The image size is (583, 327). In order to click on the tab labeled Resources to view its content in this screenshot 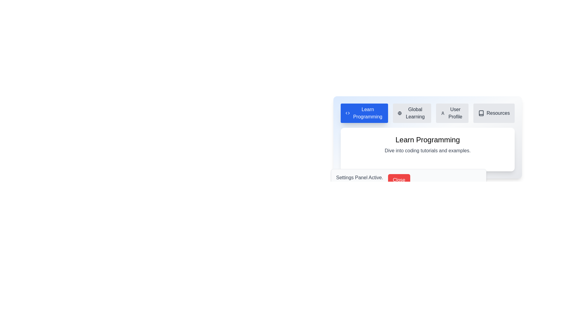, I will do `click(494, 113)`.